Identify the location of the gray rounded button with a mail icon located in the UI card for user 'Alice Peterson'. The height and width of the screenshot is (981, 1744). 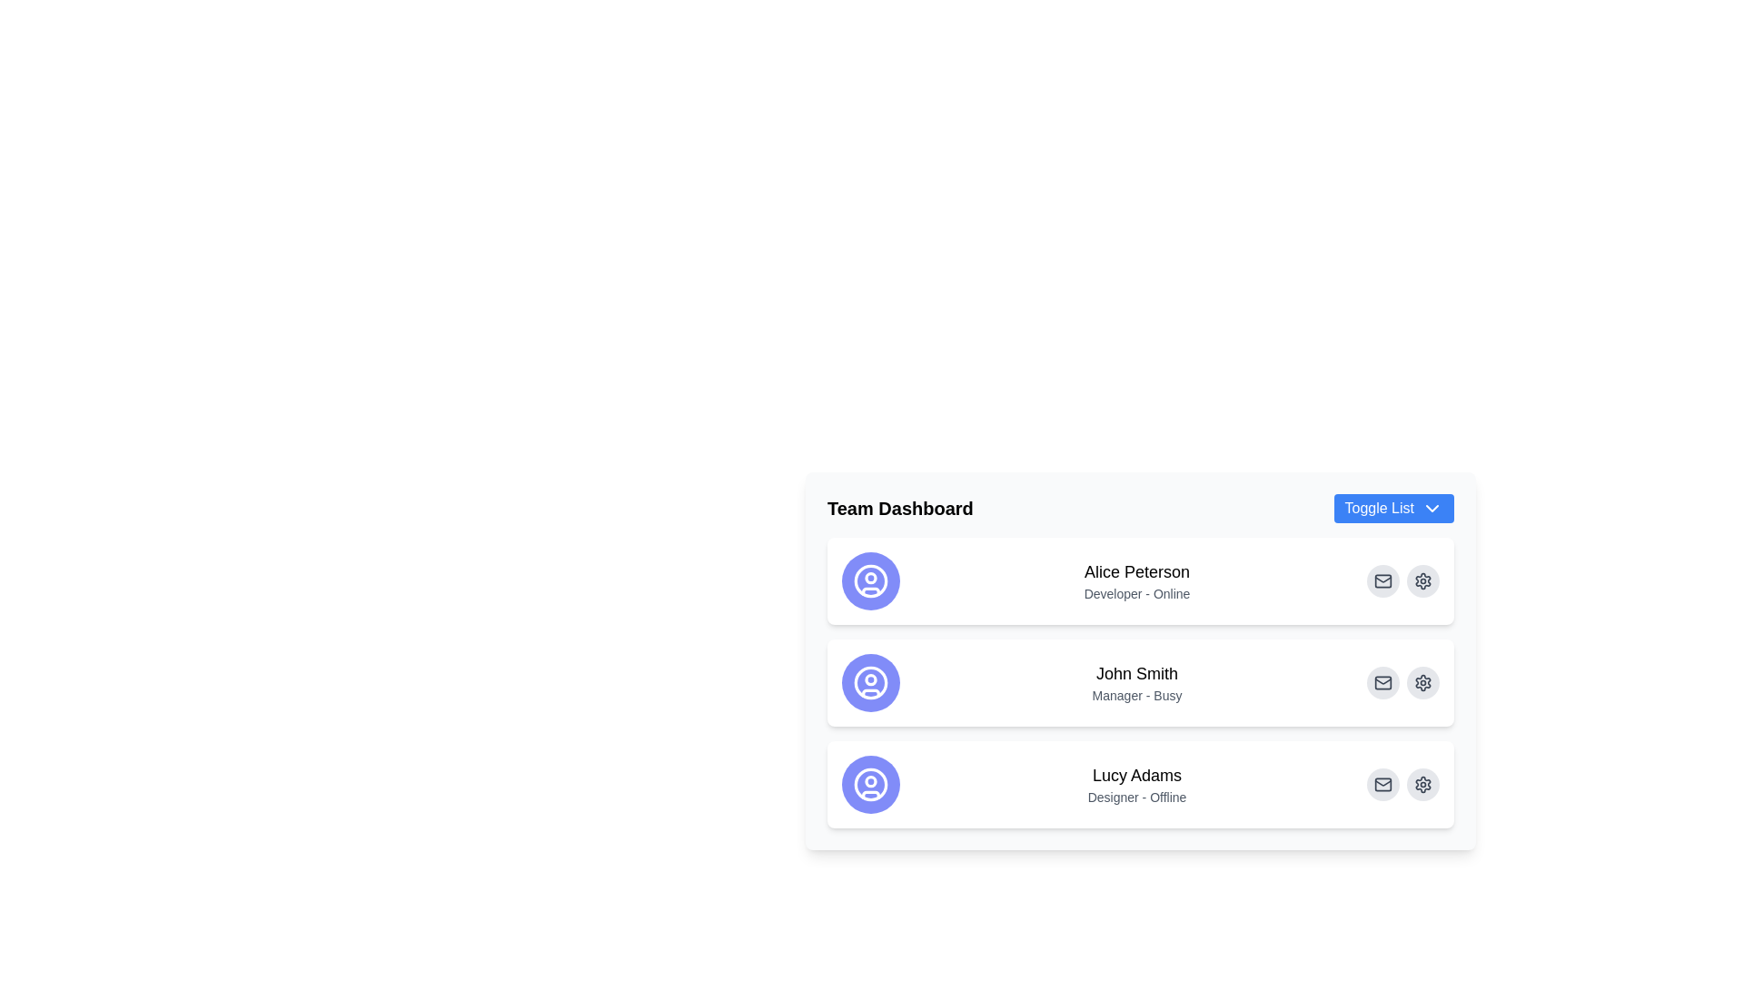
(1382, 581).